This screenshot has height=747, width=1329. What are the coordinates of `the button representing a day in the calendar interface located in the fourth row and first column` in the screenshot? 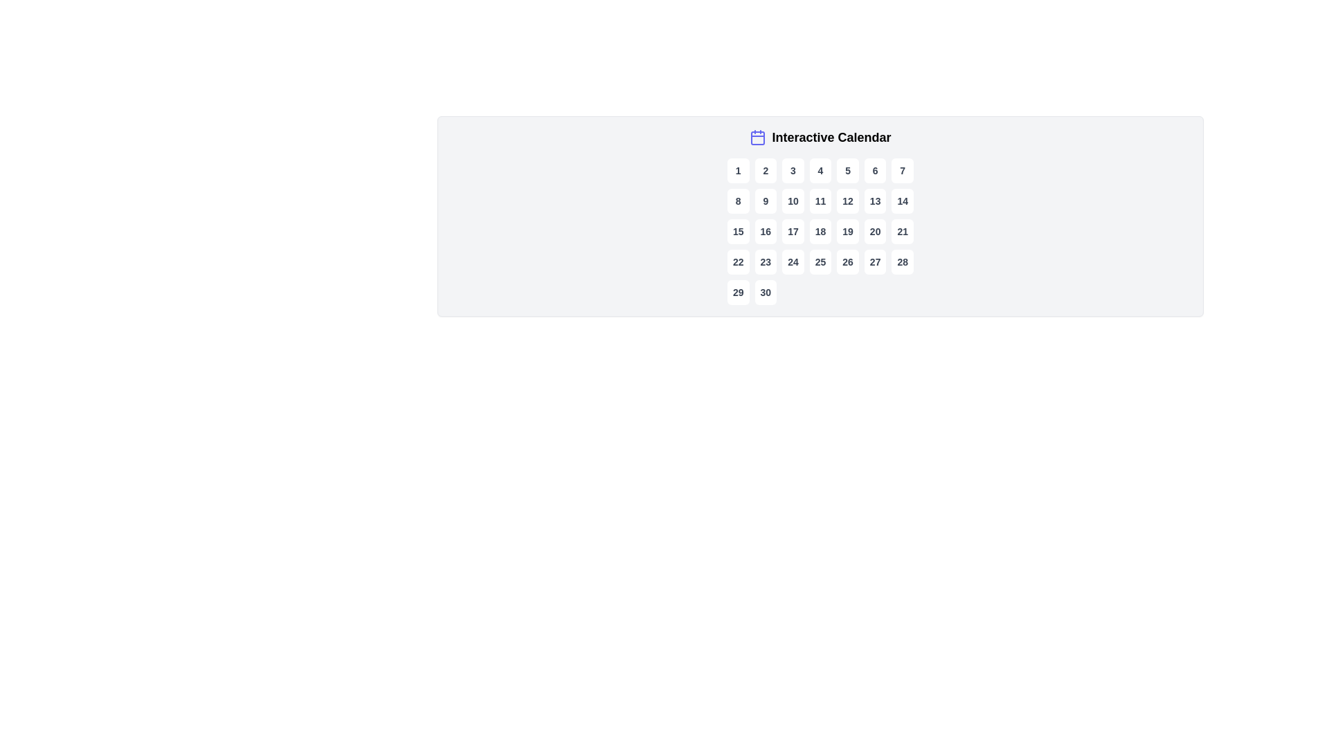 It's located at (737, 261).